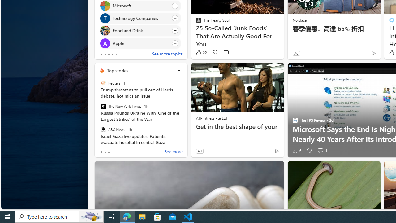 The image size is (396, 223). Describe the element at coordinates (101, 152) in the screenshot. I see `'tab-0'` at that location.